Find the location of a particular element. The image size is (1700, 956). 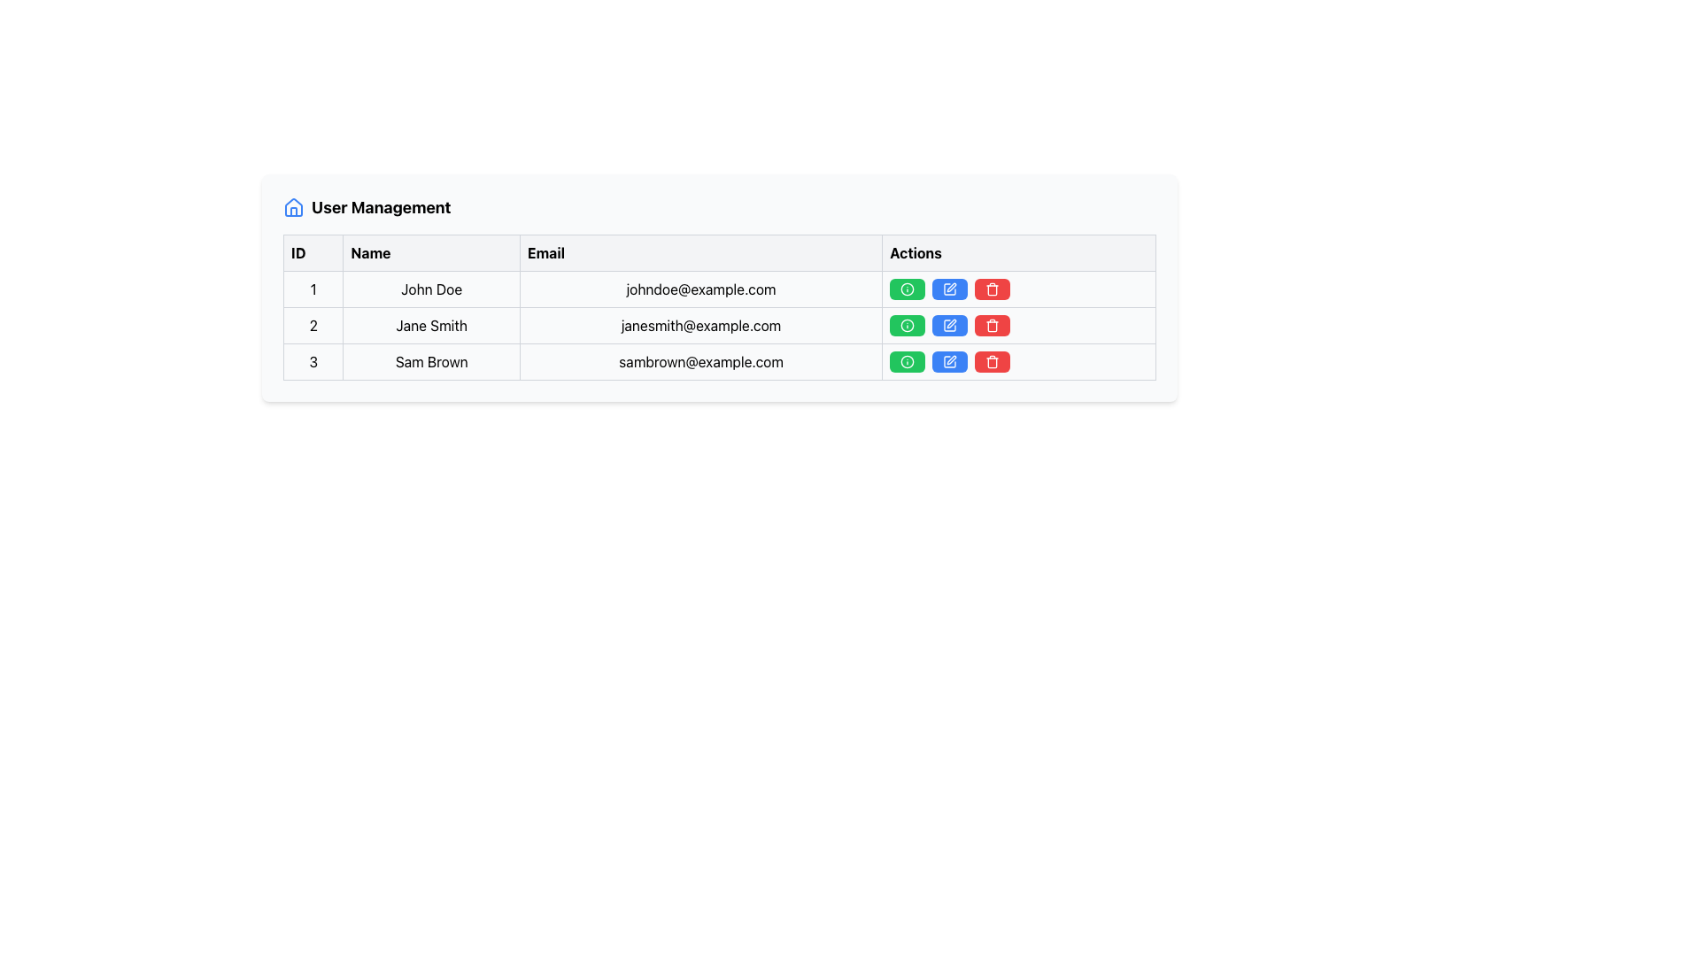

the red button in the 'Actions' column corresponding to 'Jane Smith' in the User Management table is located at coordinates (1019, 325).